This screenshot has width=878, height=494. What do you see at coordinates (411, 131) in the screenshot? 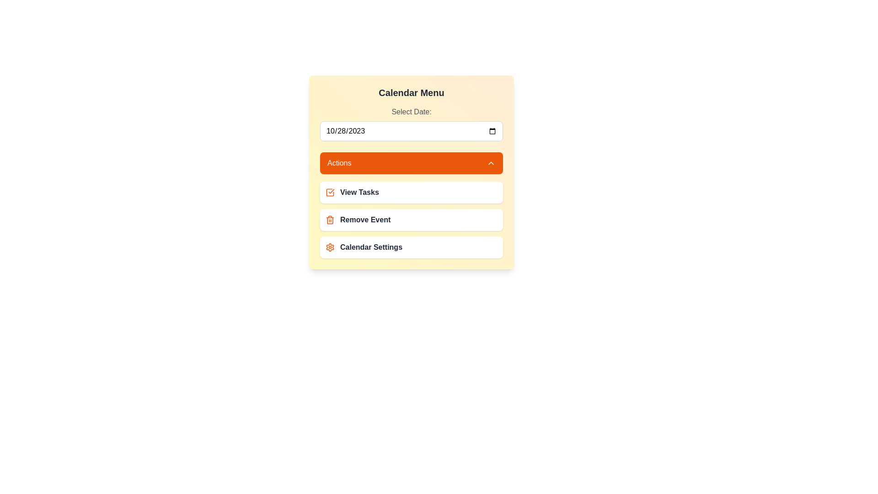
I see `the date input field to focus and allow date selection` at bounding box center [411, 131].